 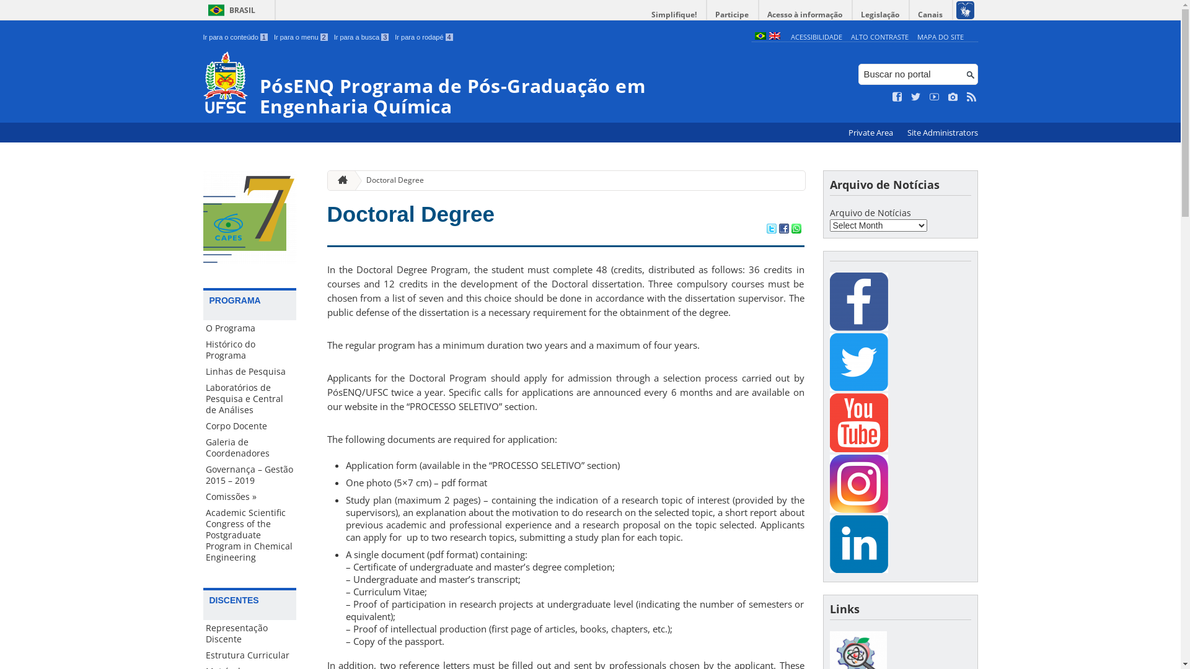 What do you see at coordinates (249, 654) in the screenshot?
I see `'Estrutura Curricular'` at bounding box center [249, 654].